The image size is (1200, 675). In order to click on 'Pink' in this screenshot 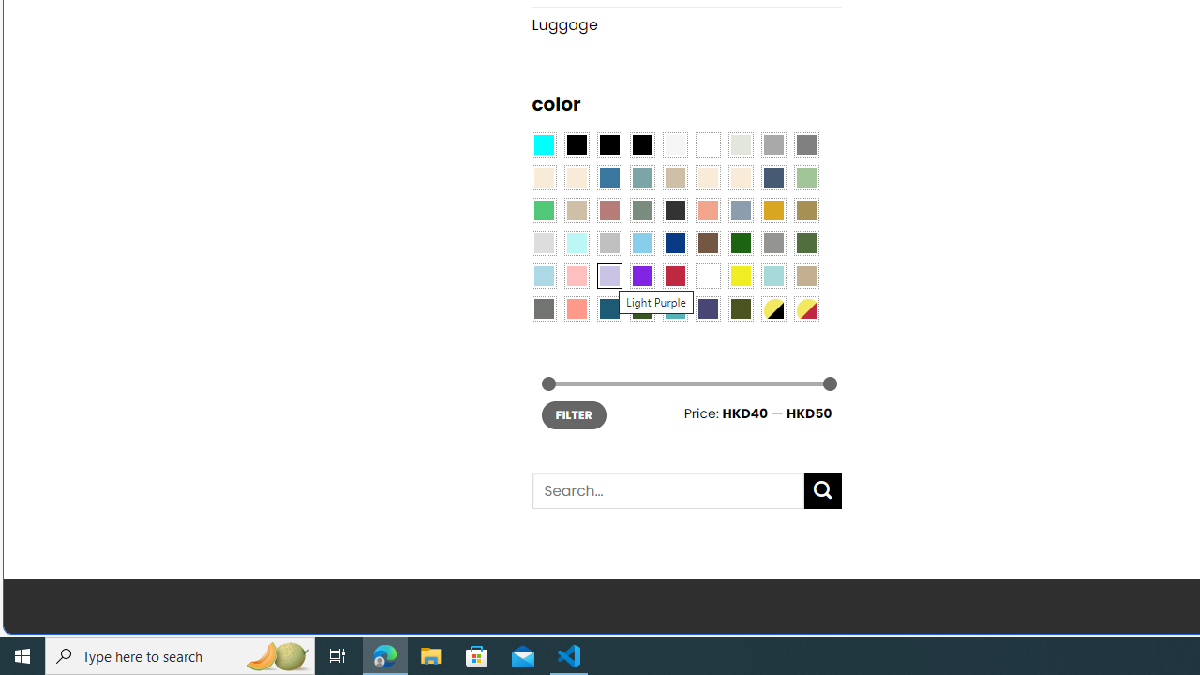, I will do `click(576, 277)`.